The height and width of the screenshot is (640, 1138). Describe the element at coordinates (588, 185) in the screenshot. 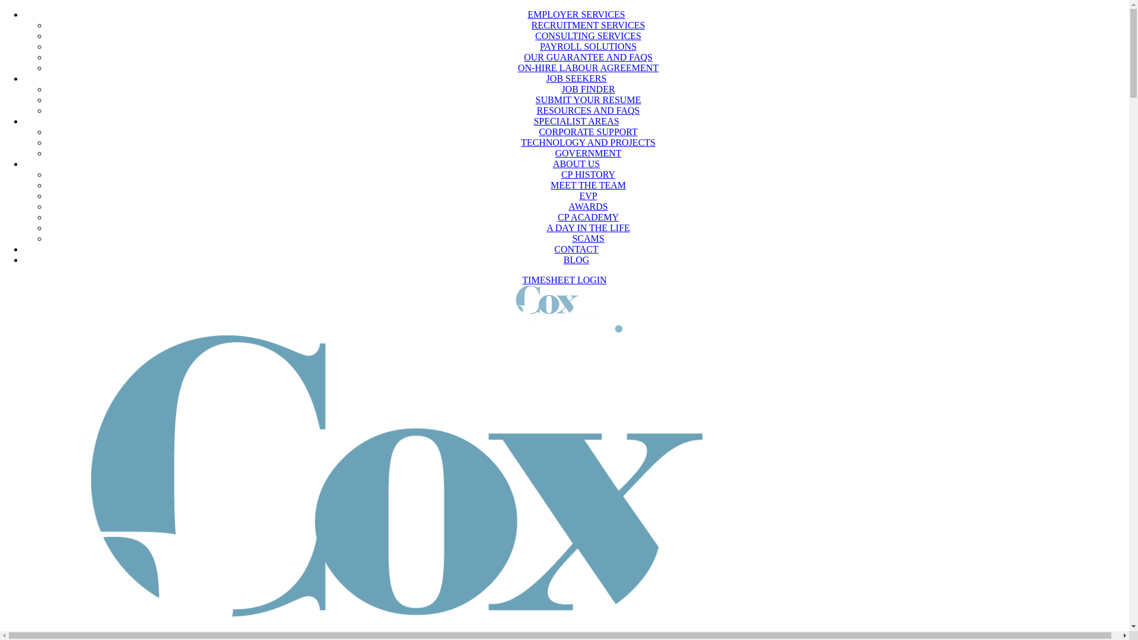

I see `'MEET THE TEAM'` at that location.